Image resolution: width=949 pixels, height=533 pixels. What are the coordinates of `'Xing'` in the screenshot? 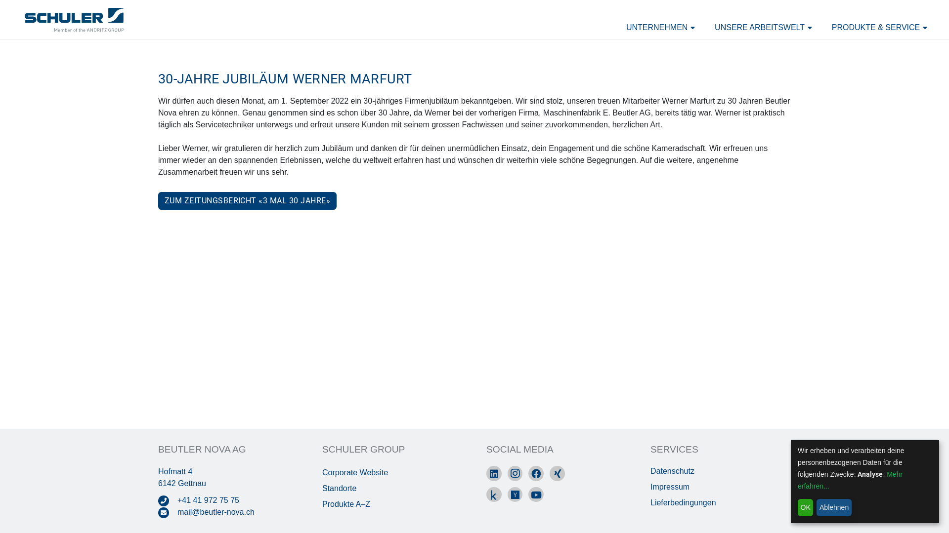 It's located at (549, 473).